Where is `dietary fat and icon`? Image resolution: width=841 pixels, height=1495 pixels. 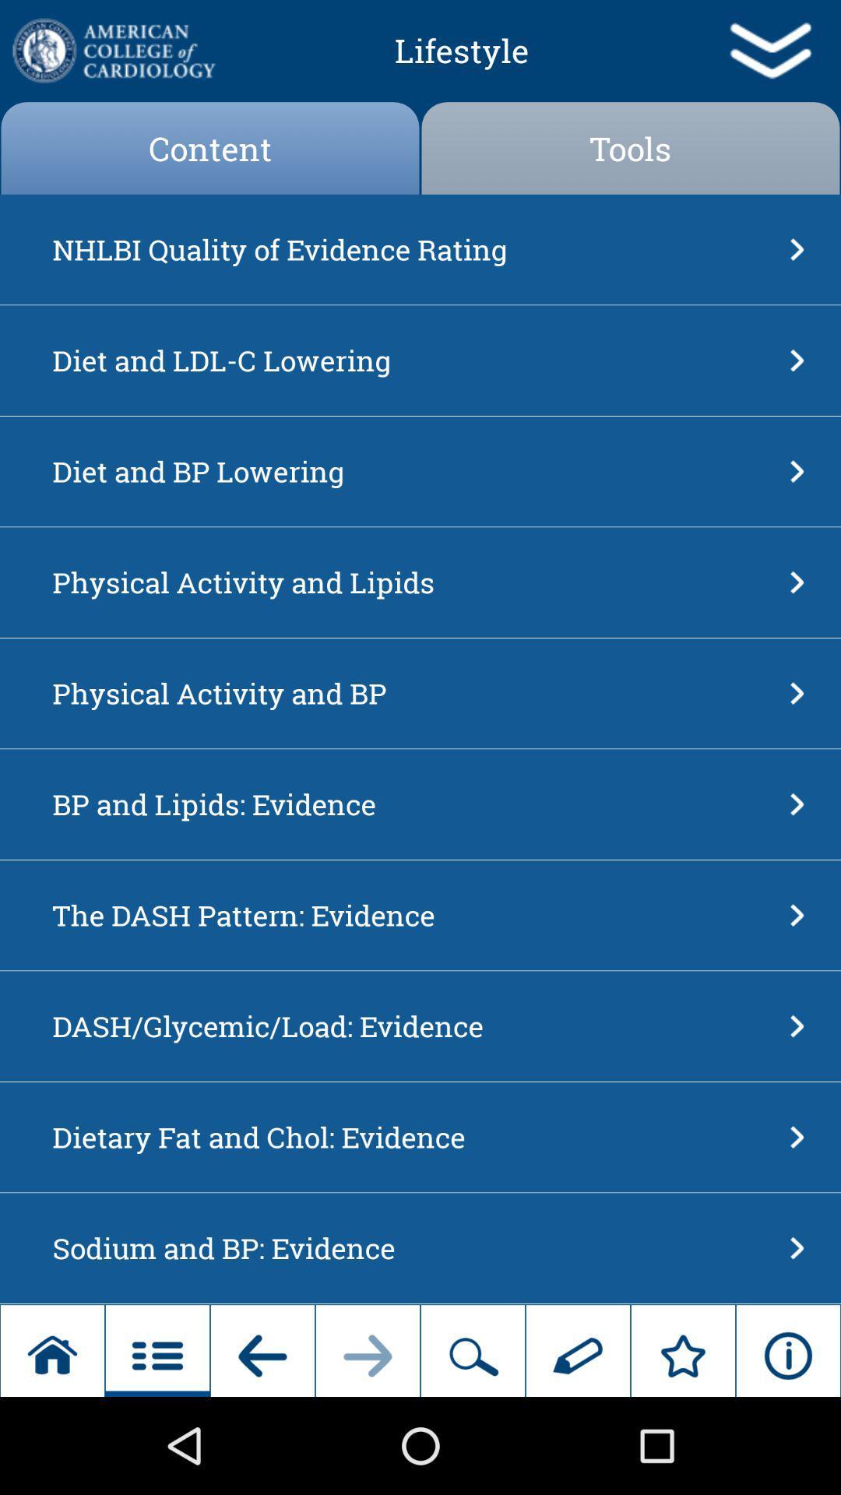 dietary fat and icon is located at coordinates (415, 1137).